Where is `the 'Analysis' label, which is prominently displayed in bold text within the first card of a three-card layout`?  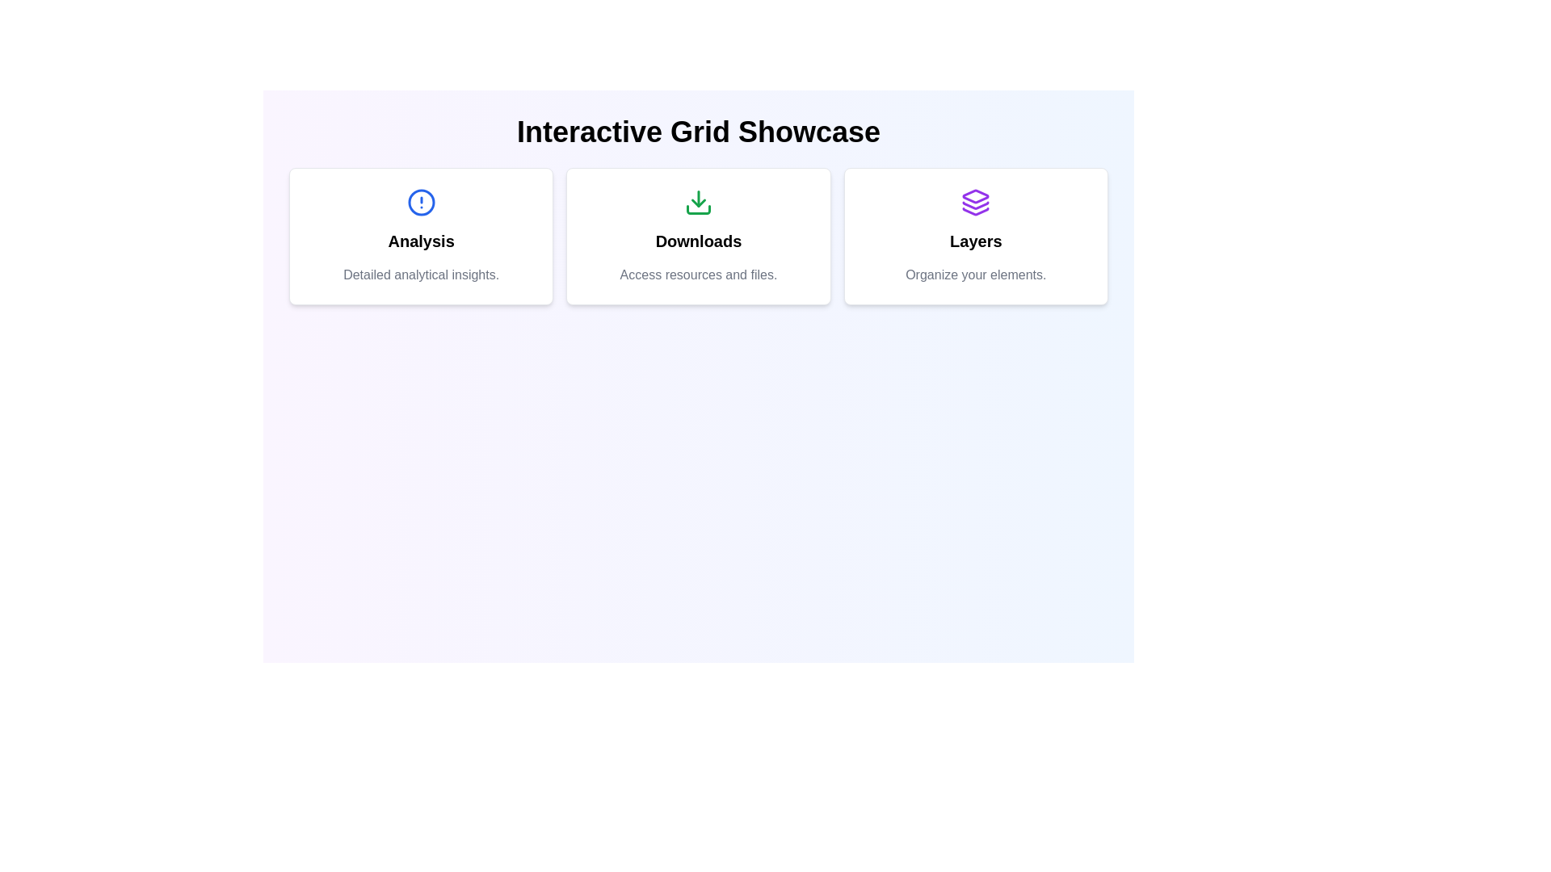
the 'Analysis' label, which is prominently displayed in bold text within the first card of a three-card layout is located at coordinates (421, 241).